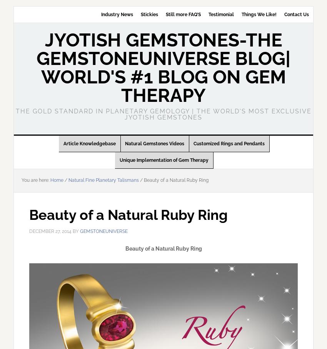 This screenshot has width=327, height=349. What do you see at coordinates (229, 144) in the screenshot?
I see `'Customized Rings and Pendants'` at bounding box center [229, 144].